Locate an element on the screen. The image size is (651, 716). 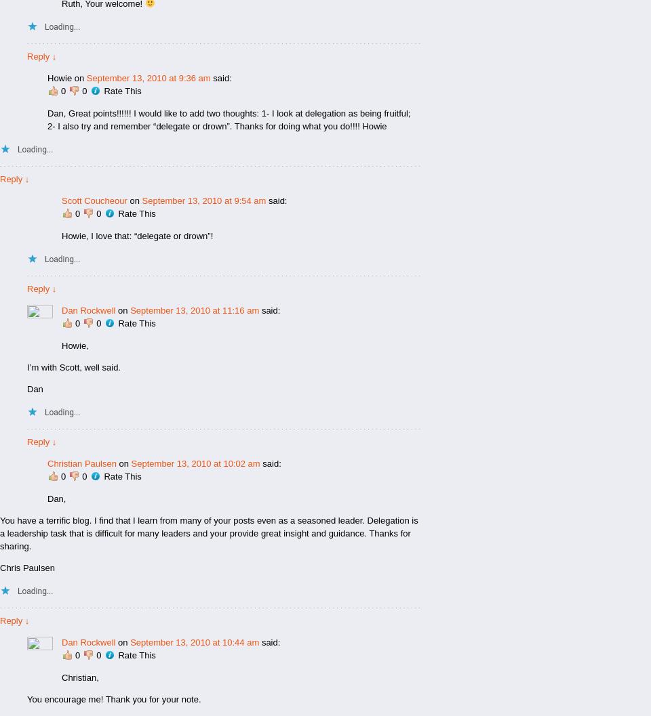
'You have a terrific blog.  I find that I learn from many of your posts even as a seasoned leader.  Delegation is a leadership task that is difficult for many leaders and your provide great insight and guidance.  Thanks for sharing.' is located at coordinates (208, 532).